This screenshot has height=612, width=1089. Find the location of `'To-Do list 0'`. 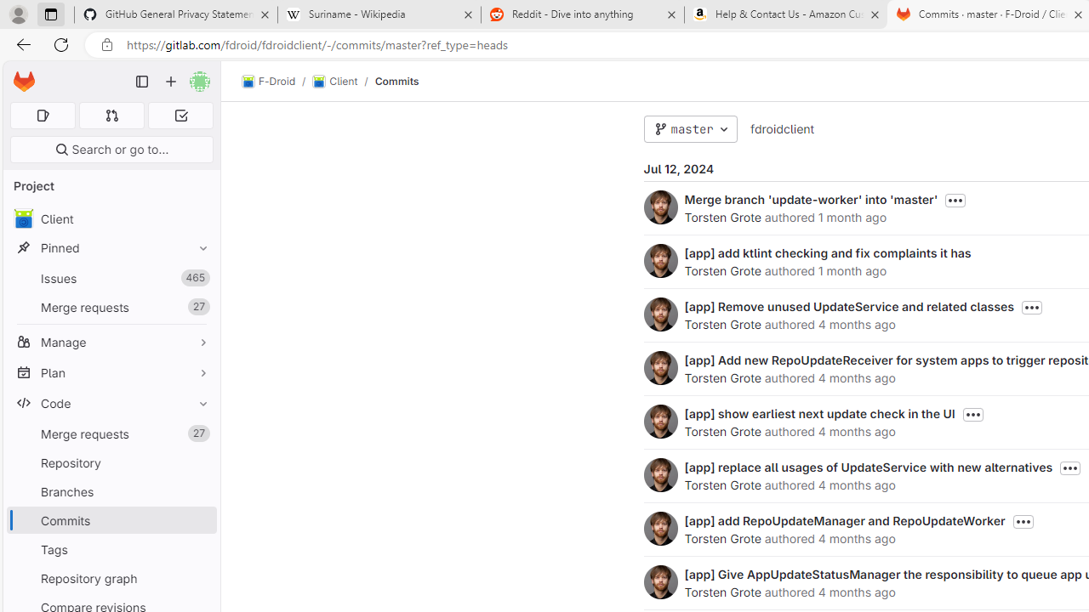

'To-Do list 0' is located at coordinates (180, 115).